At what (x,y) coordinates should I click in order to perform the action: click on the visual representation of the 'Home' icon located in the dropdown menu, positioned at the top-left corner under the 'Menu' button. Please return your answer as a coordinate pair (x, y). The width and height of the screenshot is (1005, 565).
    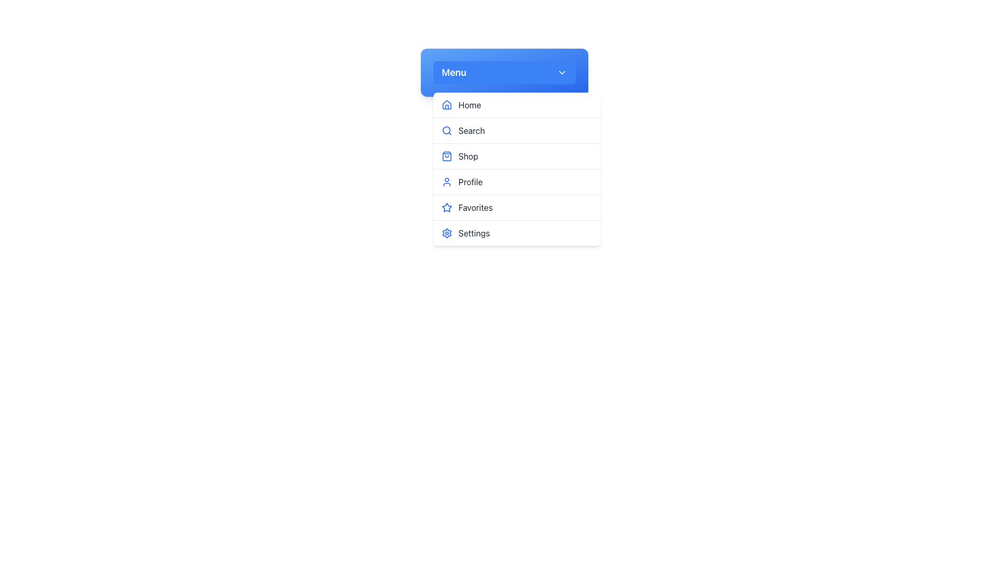
    Looking at the image, I should click on (447, 105).